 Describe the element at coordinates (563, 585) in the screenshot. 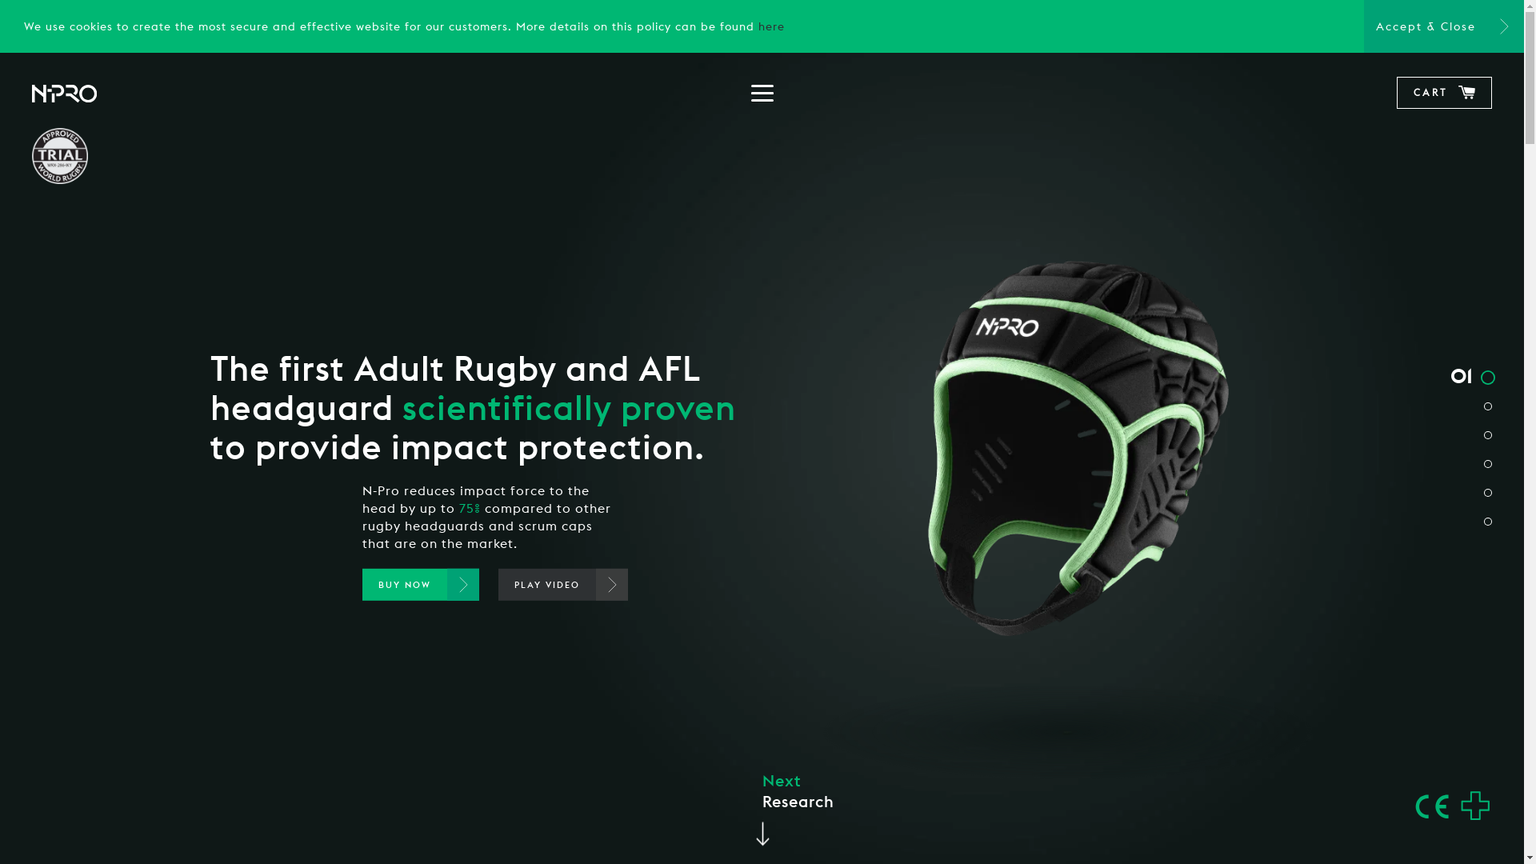

I see `'PLAY VIDEO'` at that location.